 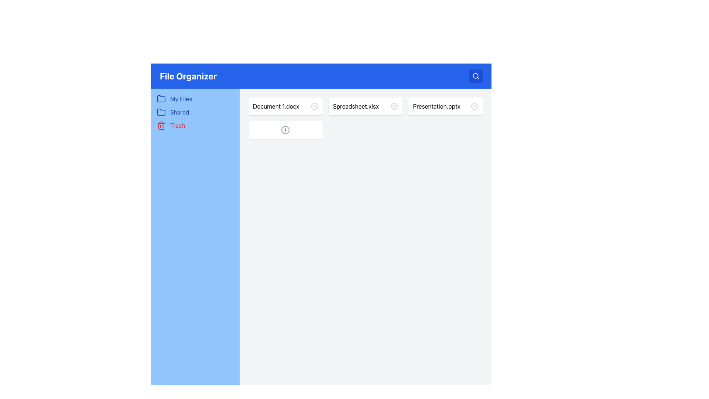 I want to click on the blue outlined folder icon located in the left sidebar, which precedes the 'My Files' label, so click(x=161, y=98).